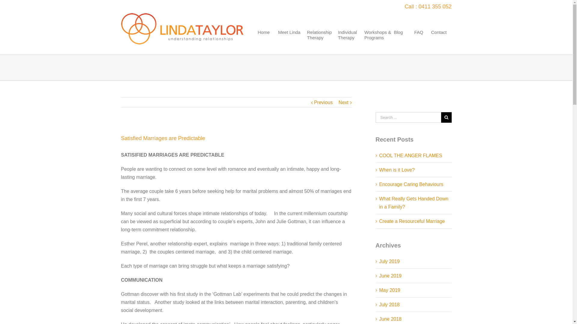 This screenshot has height=324, width=577. Describe the element at coordinates (350, 42) in the screenshot. I see `'Individual Therapy'` at that location.